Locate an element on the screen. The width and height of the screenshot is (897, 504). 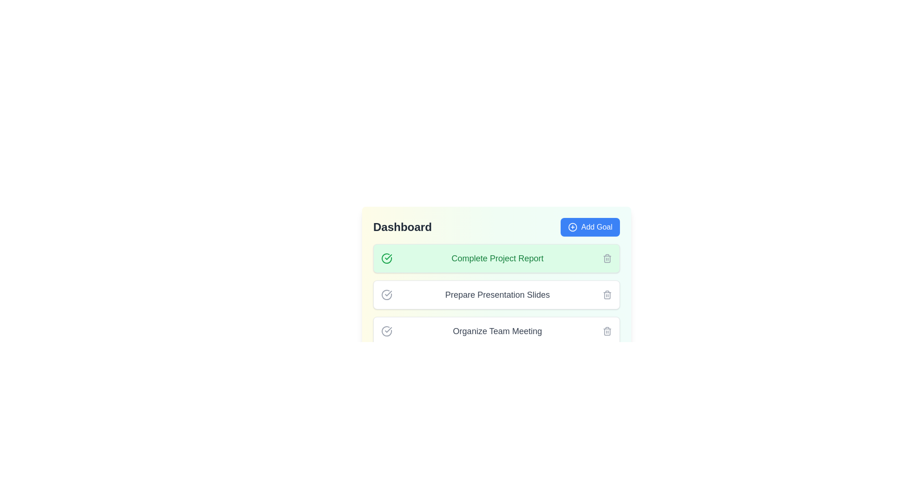
the trash icon next to the goal with text 'Prepare Presentation Slides' to delete it is located at coordinates (607, 295).